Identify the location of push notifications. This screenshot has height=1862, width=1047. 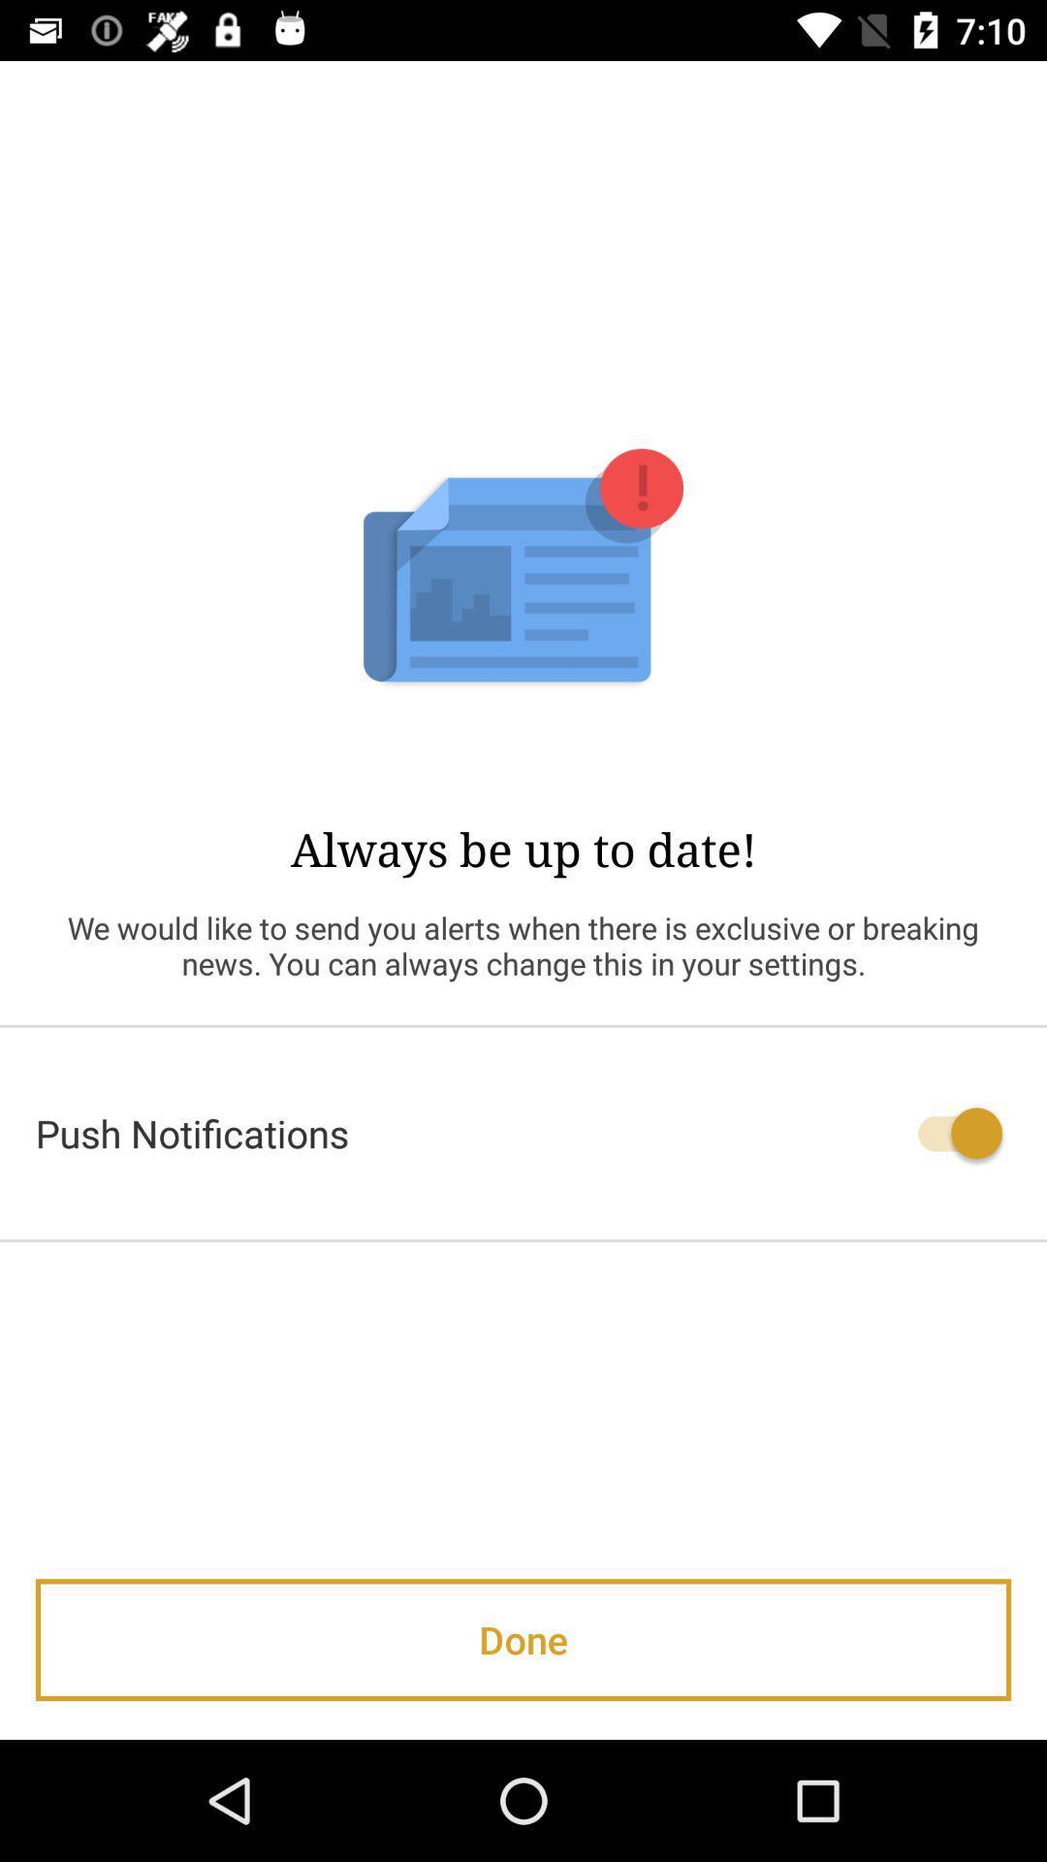
(523, 1133).